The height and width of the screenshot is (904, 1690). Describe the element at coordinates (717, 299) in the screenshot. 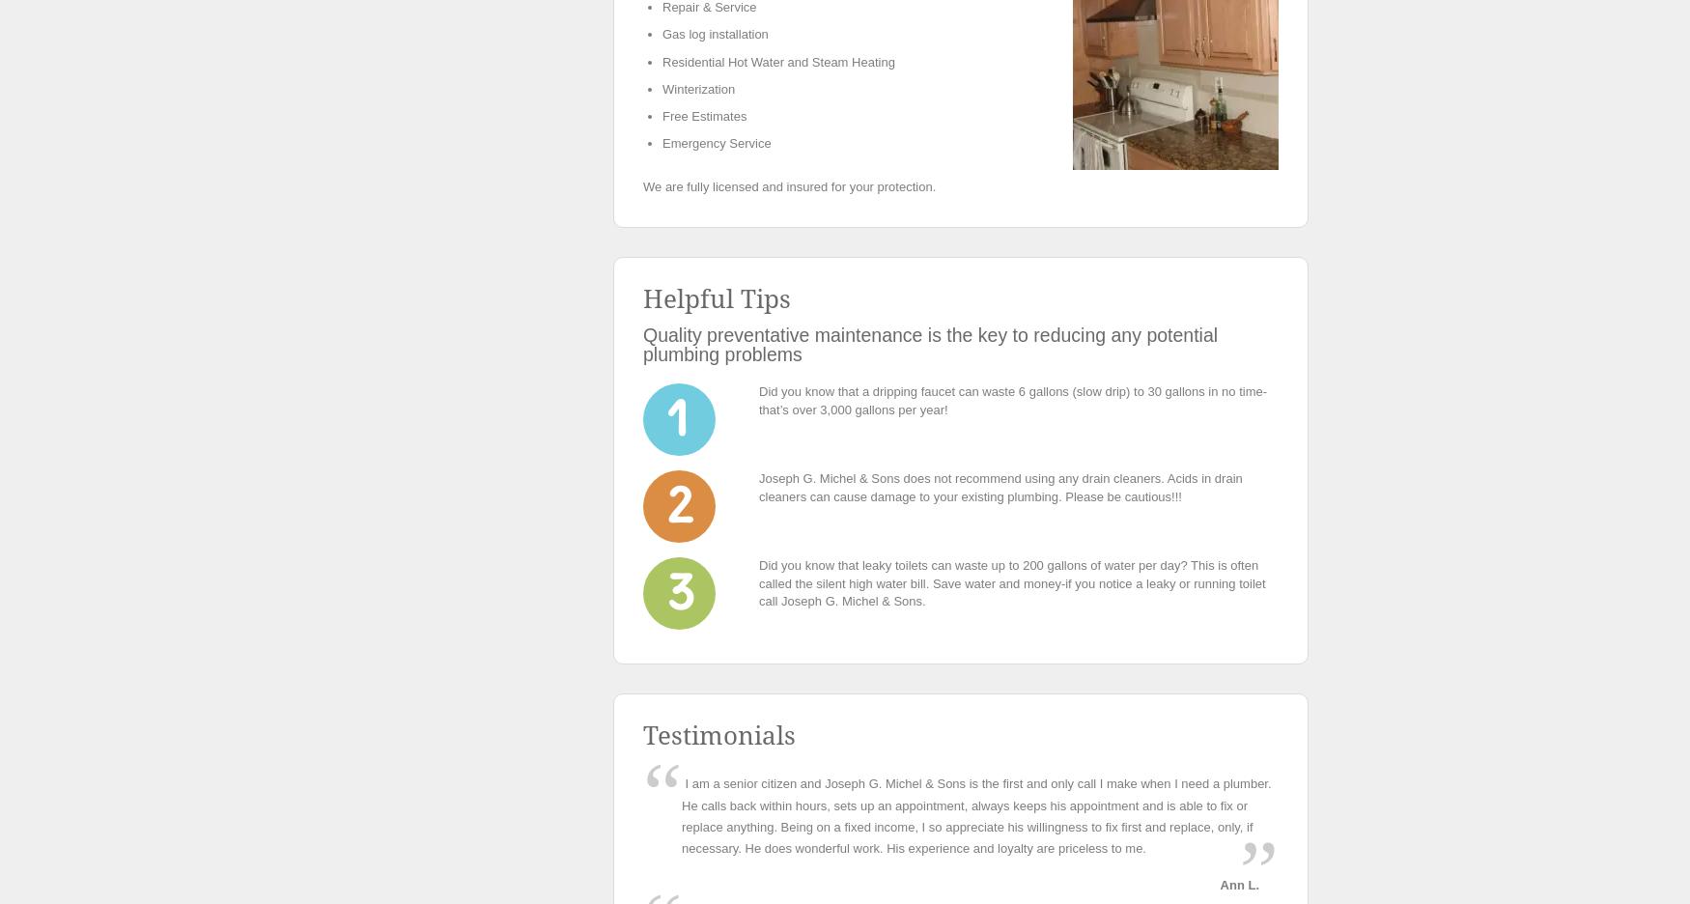

I see `'Helpful Tips'` at that location.